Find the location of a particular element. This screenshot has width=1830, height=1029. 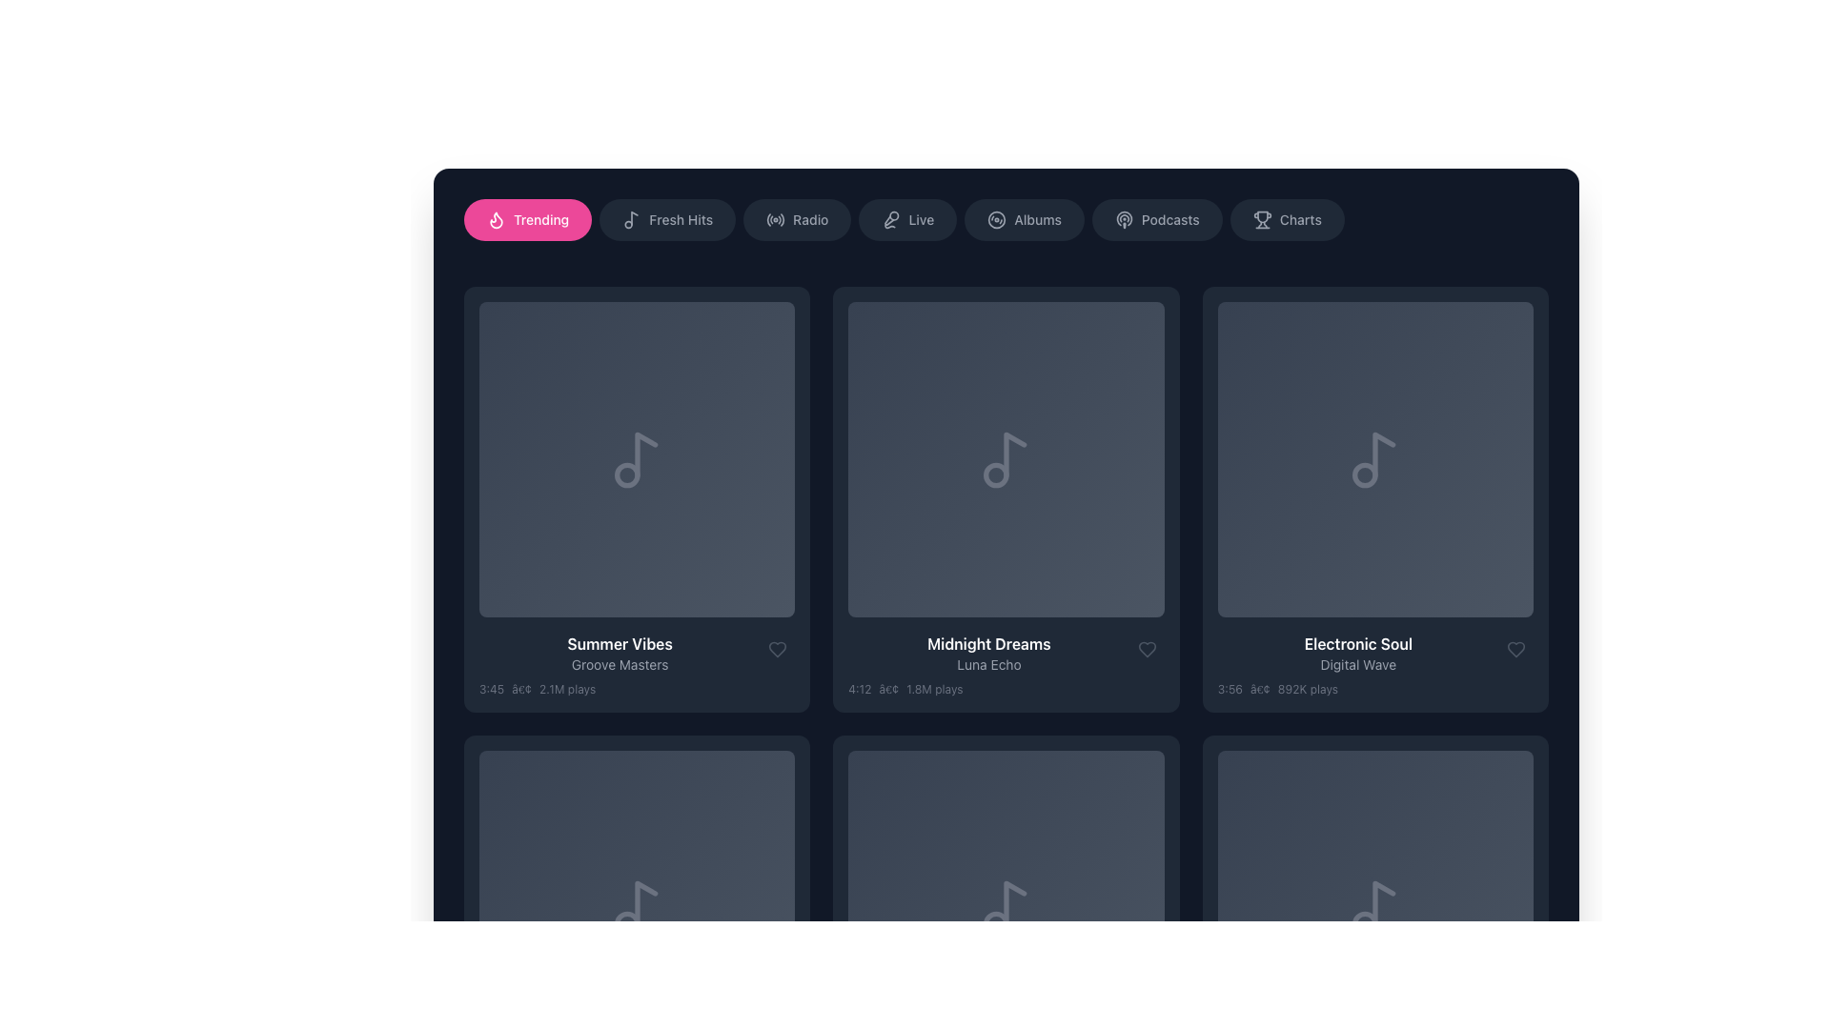

the 'Podcasts' text label located in the top navigation bar is located at coordinates (1169, 219).